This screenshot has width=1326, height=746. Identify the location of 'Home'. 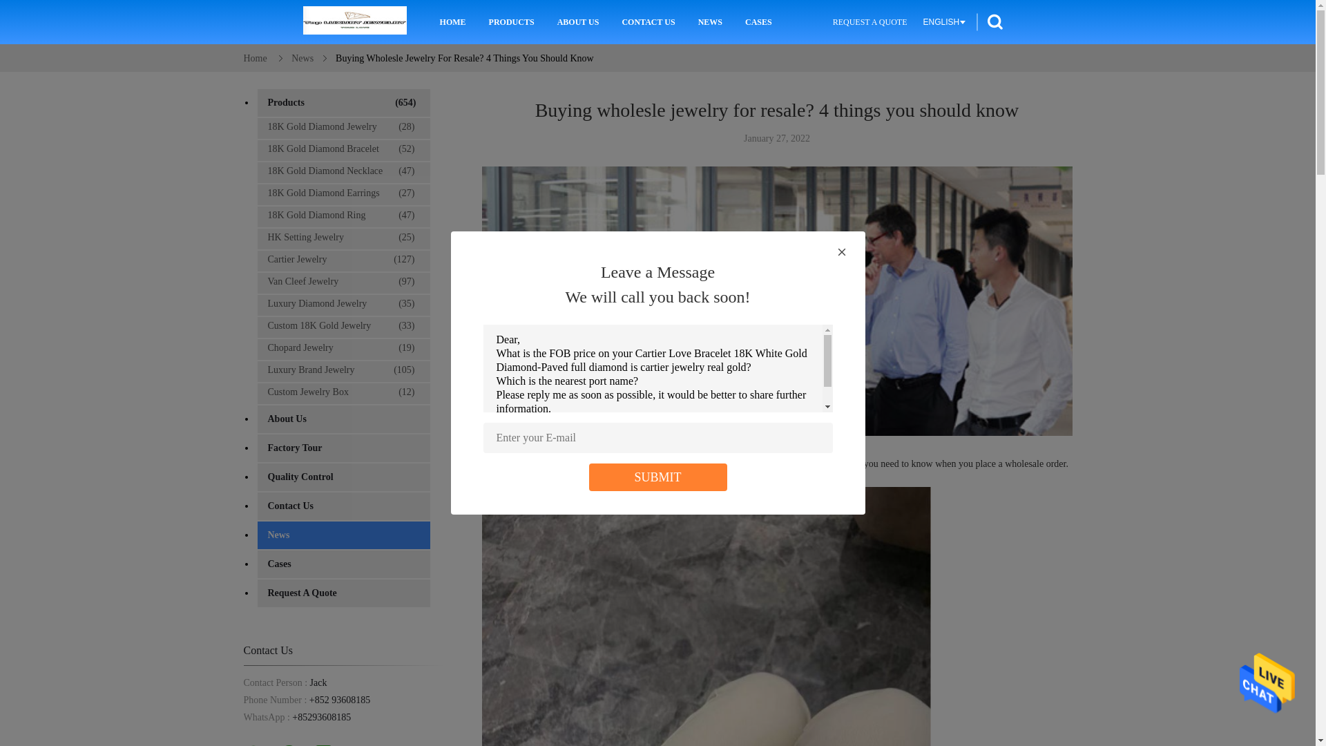
(255, 57).